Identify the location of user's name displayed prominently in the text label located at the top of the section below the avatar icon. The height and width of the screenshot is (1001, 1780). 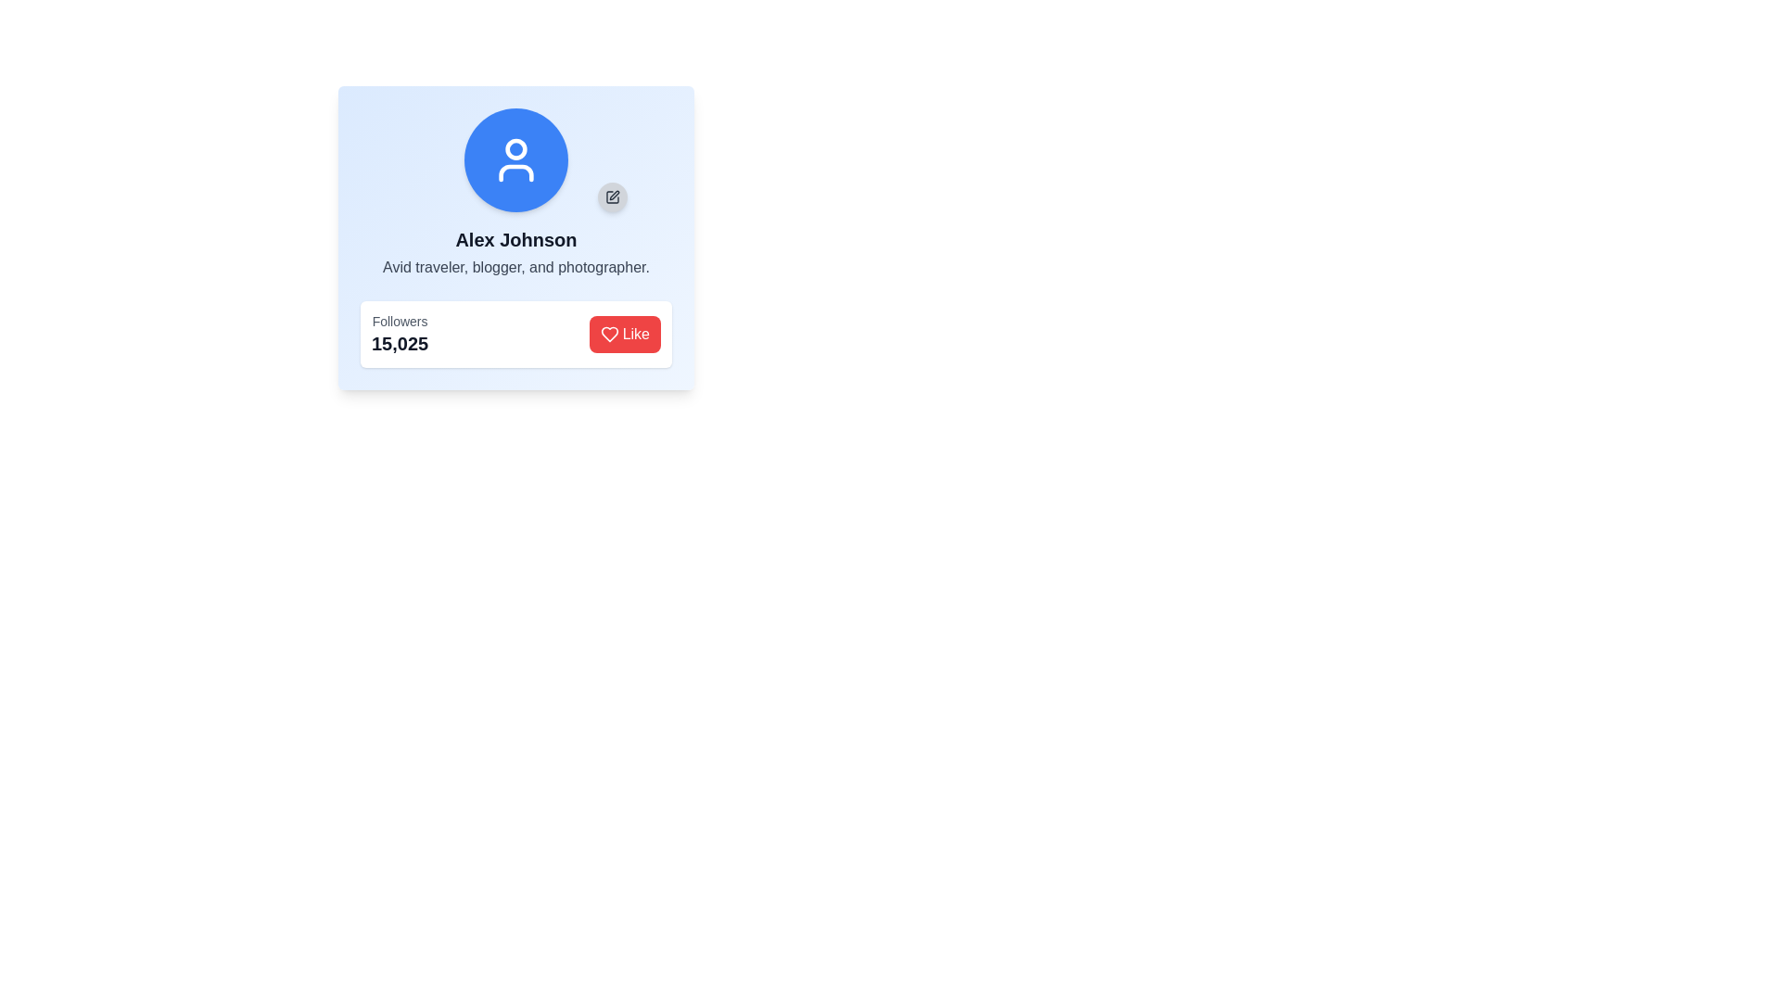
(515, 238).